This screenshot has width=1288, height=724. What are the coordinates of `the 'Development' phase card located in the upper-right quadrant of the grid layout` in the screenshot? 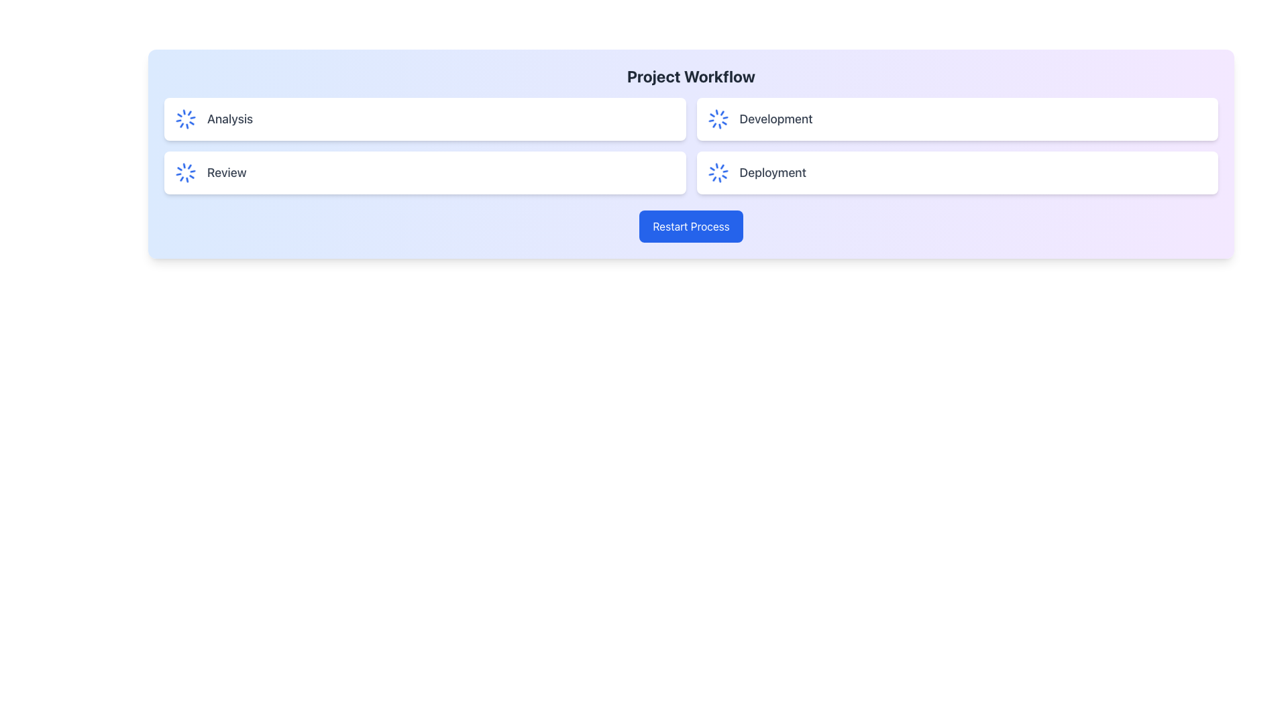 It's located at (956, 118).